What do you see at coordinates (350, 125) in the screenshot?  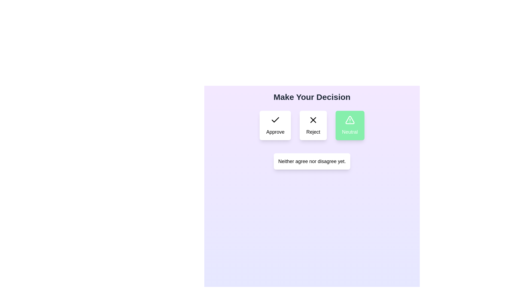 I see `the Neutral button to select the corresponding decision` at bounding box center [350, 125].